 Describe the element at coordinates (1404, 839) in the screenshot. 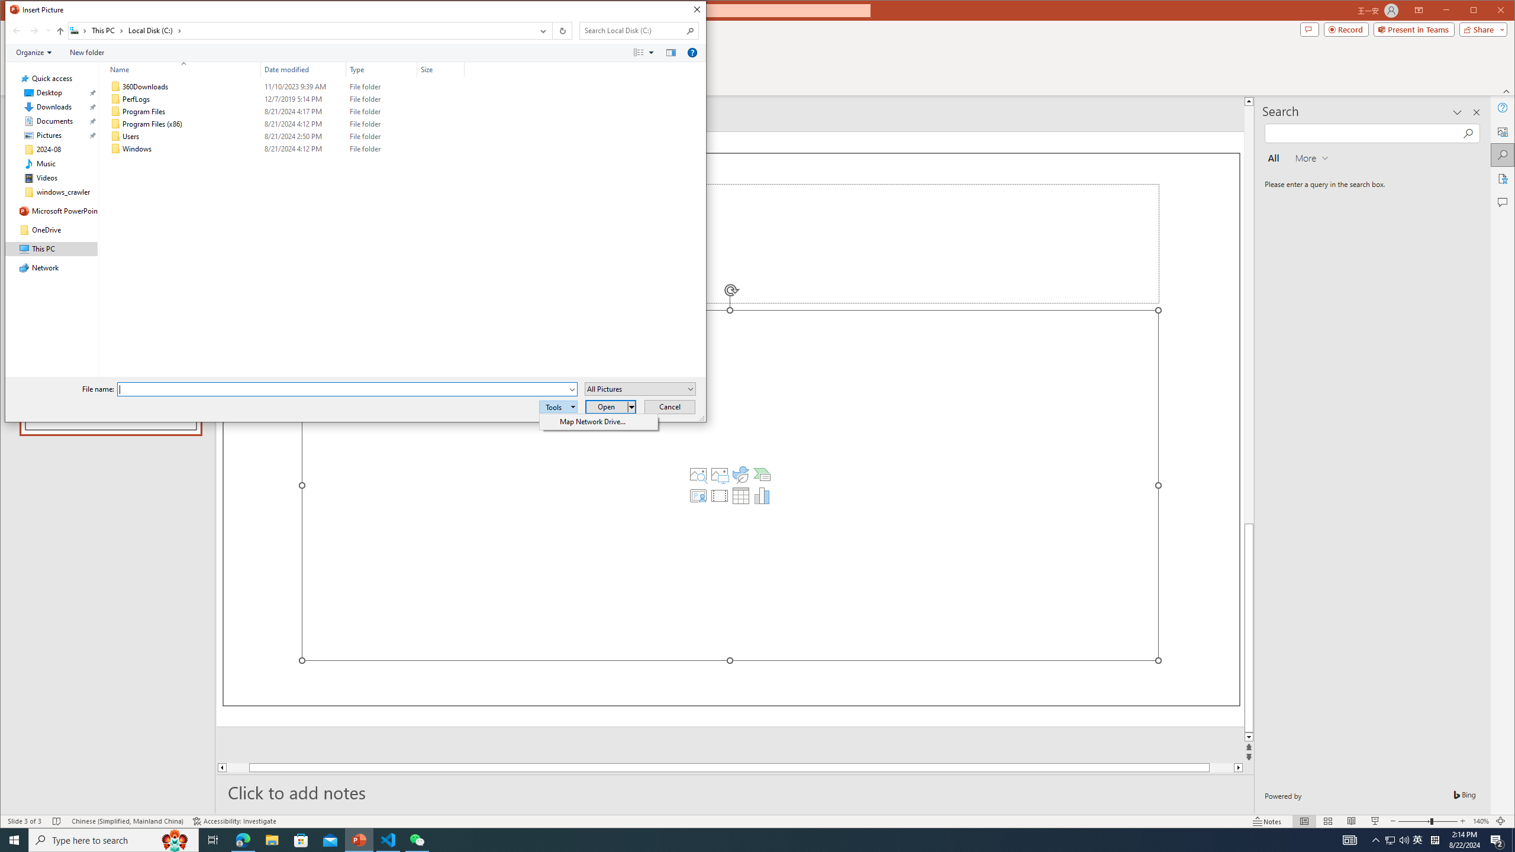

I see `'Q2790: 100%'` at that location.